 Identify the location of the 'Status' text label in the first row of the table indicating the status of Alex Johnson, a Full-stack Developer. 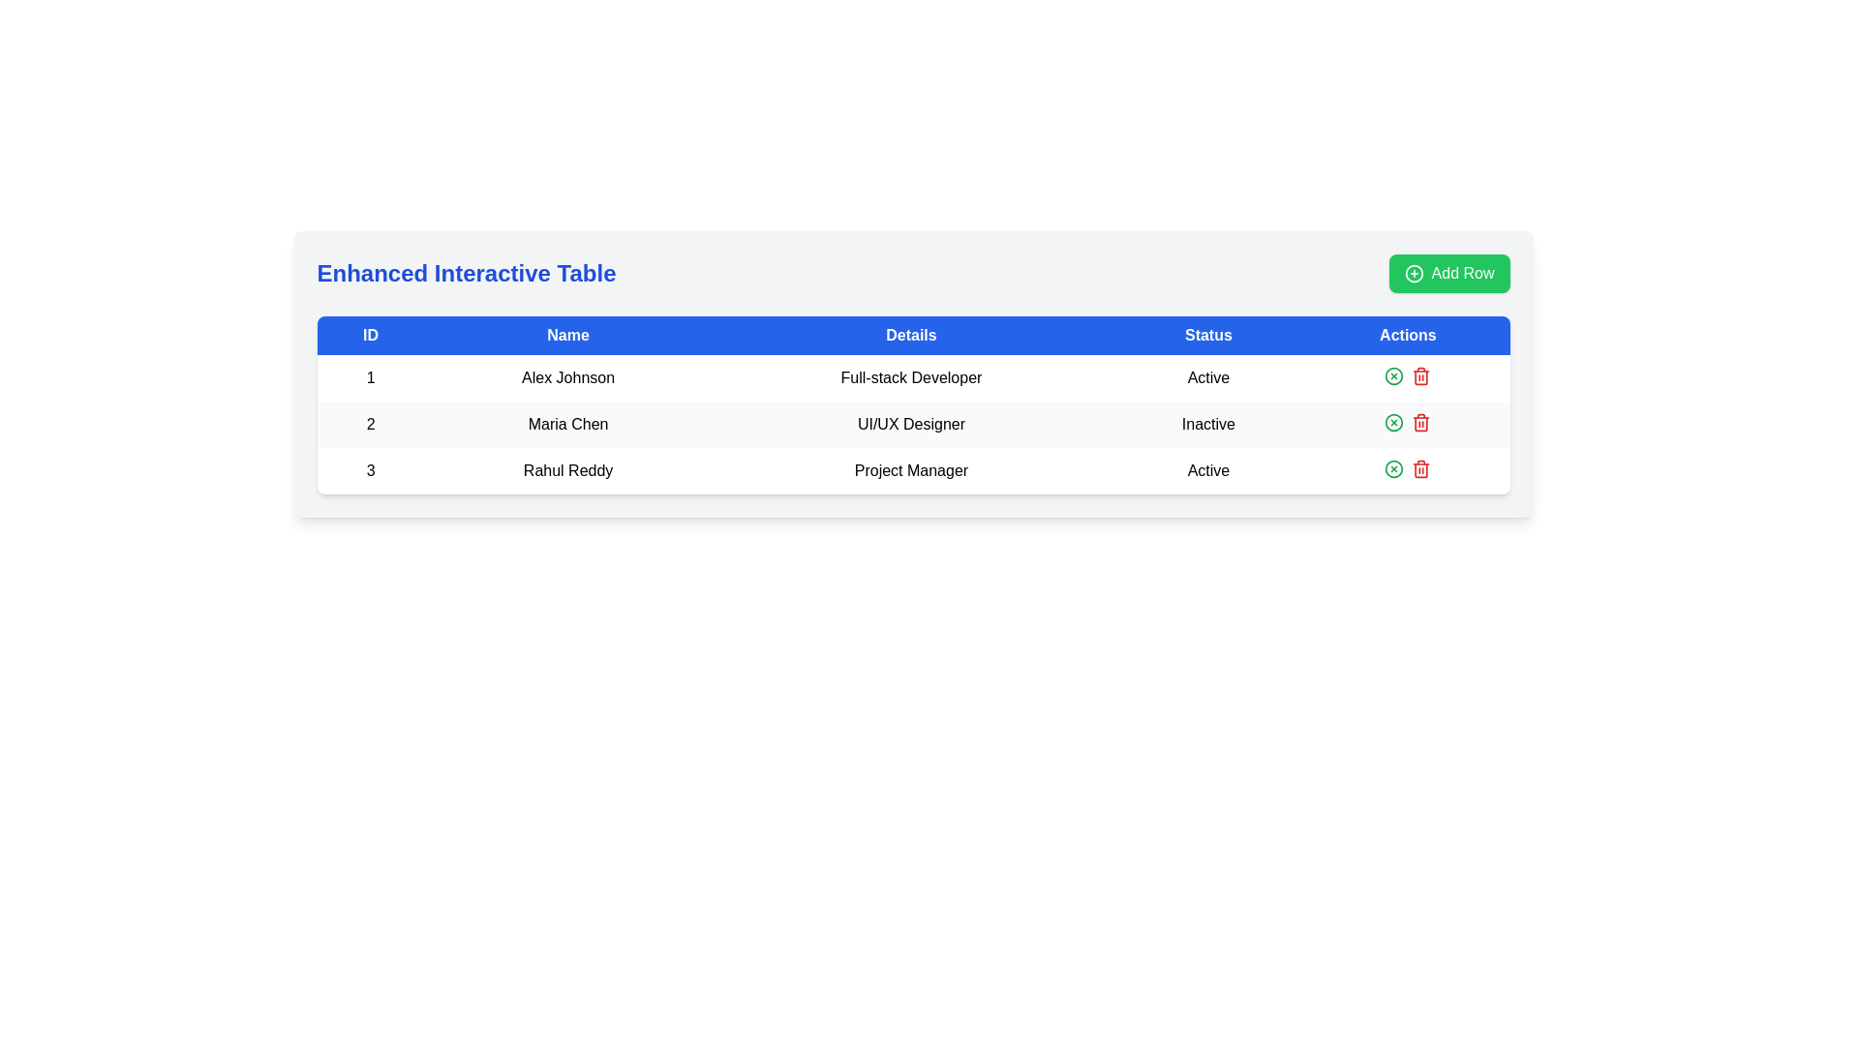
(1207, 377).